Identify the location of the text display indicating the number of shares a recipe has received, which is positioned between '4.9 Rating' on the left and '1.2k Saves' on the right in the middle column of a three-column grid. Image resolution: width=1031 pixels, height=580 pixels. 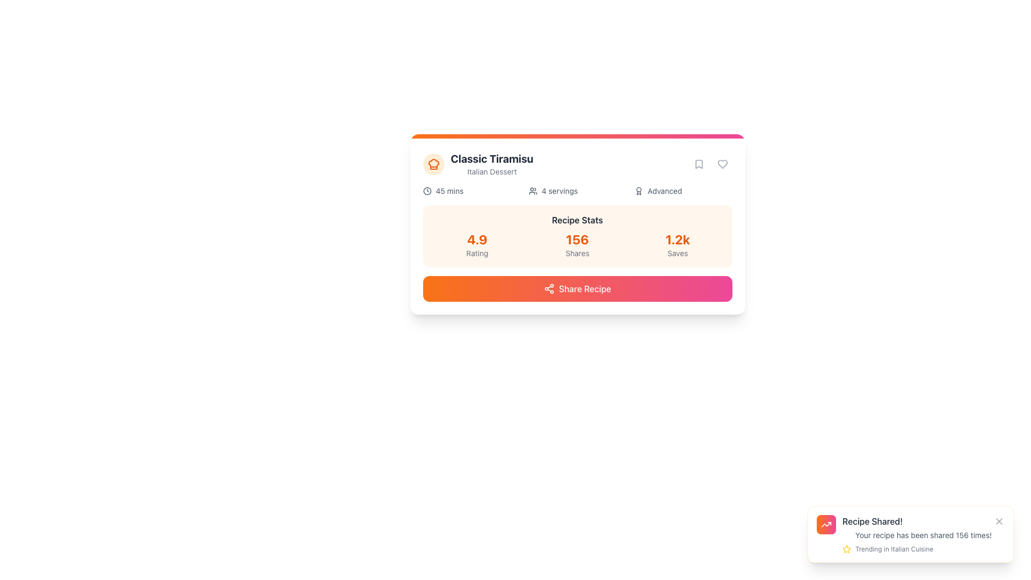
(577, 244).